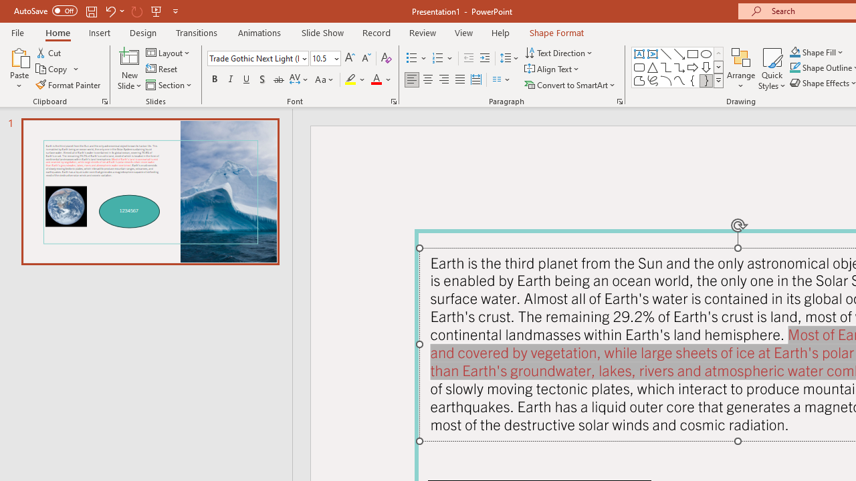 The width and height of the screenshot is (856, 481). I want to click on 'Reset', so click(162, 69).